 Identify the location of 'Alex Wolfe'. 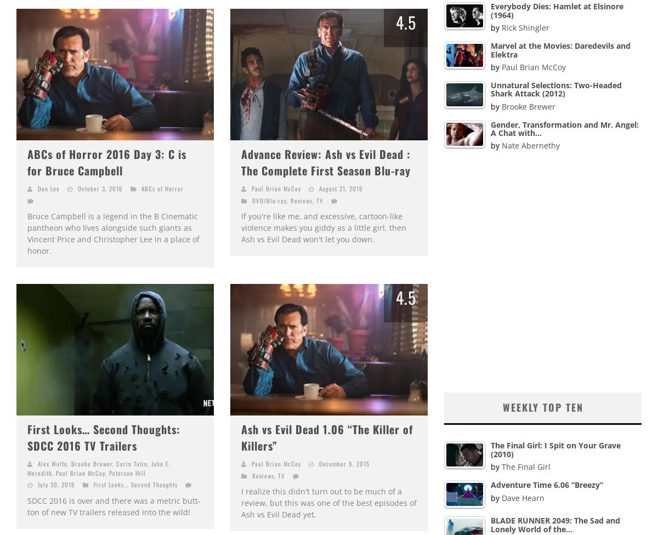
(53, 463).